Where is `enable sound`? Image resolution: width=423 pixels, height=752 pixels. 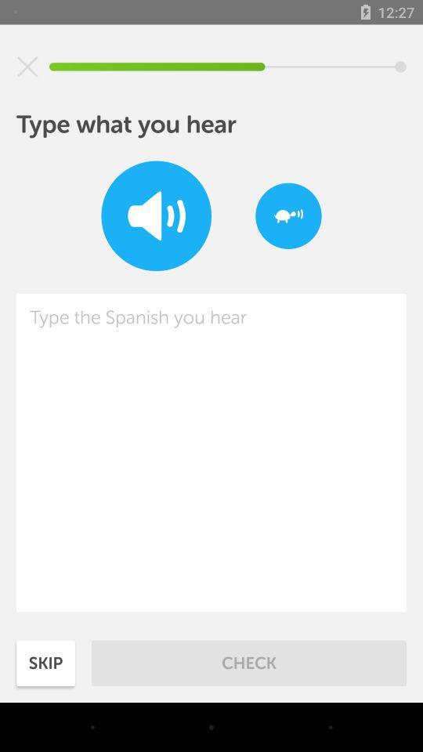 enable sound is located at coordinates (156, 215).